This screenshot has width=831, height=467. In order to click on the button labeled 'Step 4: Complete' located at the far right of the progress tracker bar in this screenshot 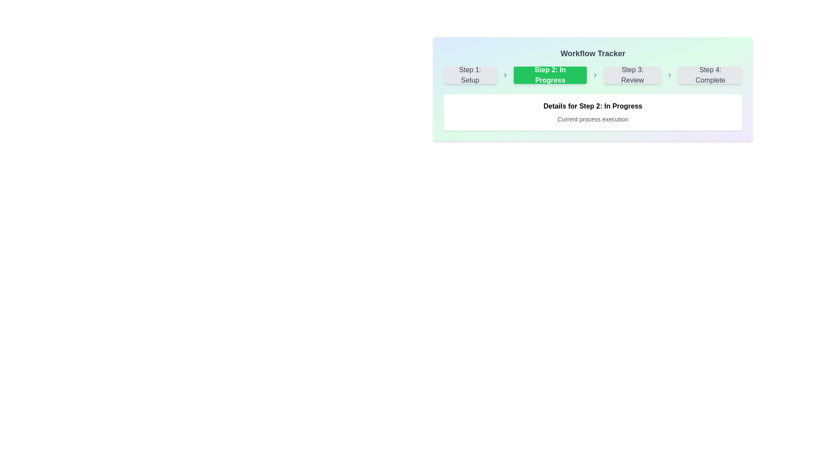, I will do `click(710, 74)`.